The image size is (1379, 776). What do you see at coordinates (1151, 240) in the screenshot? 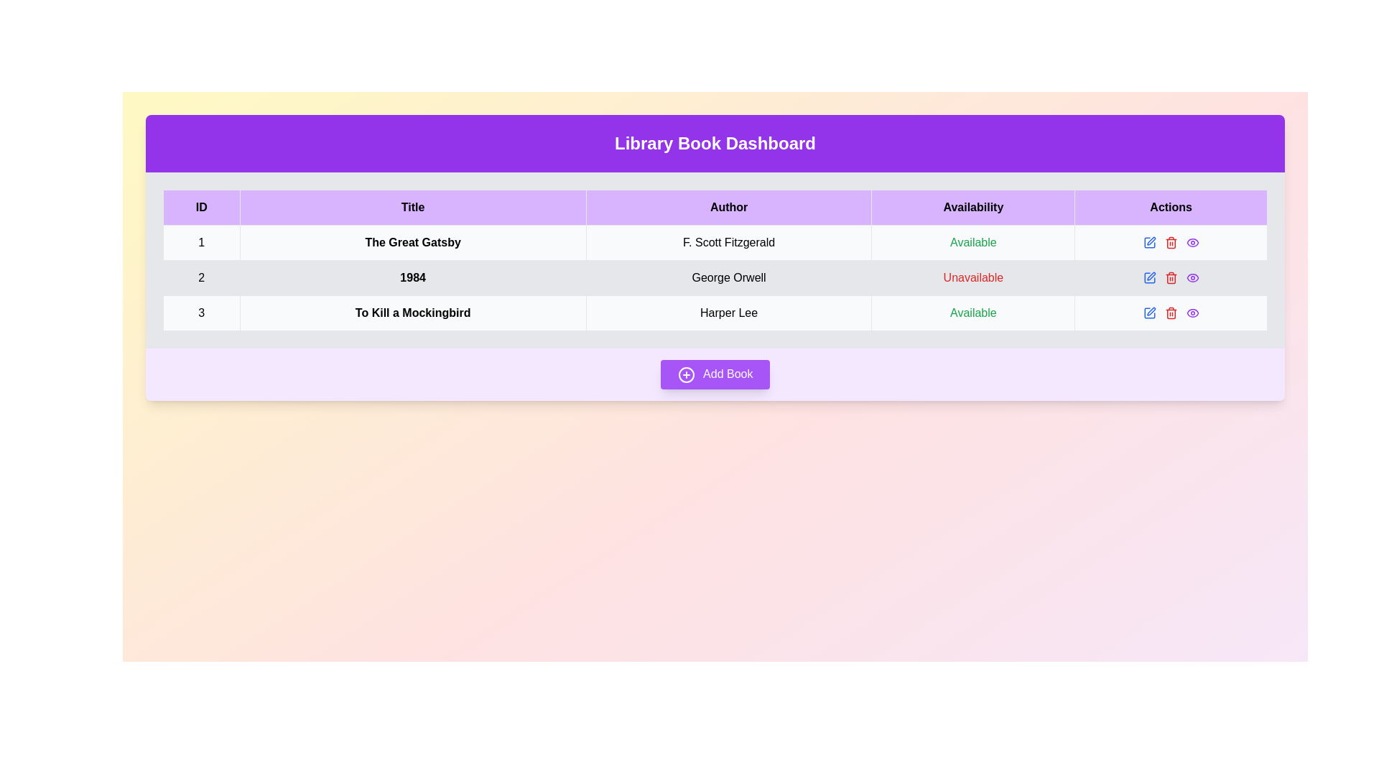
I see `the first action icon in the 'Actions' column for the book '1984'` at bounding box center [1151, 240].